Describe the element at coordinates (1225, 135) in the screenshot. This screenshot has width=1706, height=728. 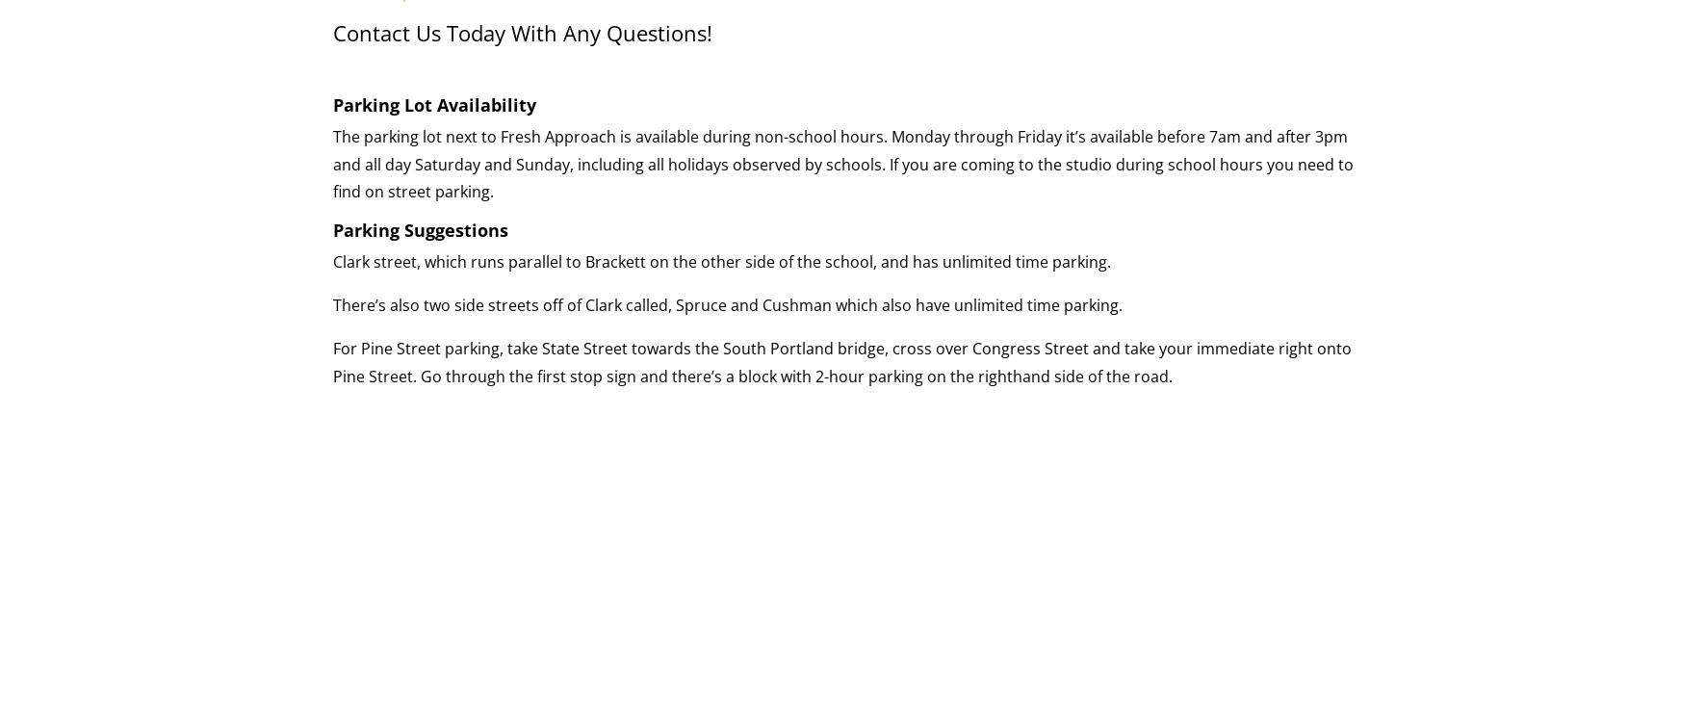
I see `'7am'` at that location.